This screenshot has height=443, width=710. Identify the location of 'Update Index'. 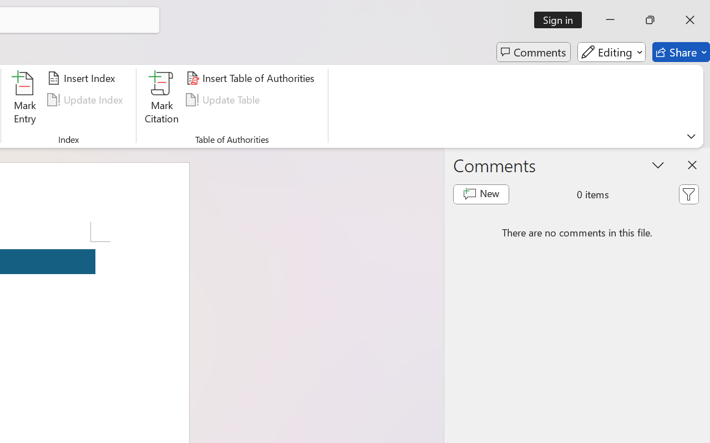
(86, 99).